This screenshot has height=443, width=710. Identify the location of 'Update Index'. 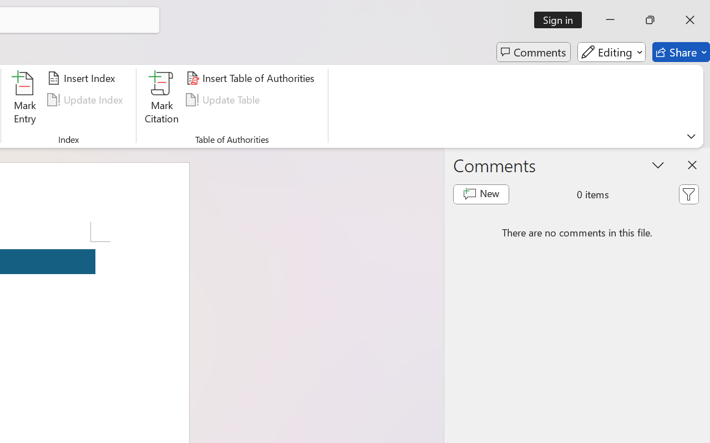
(86, 99).